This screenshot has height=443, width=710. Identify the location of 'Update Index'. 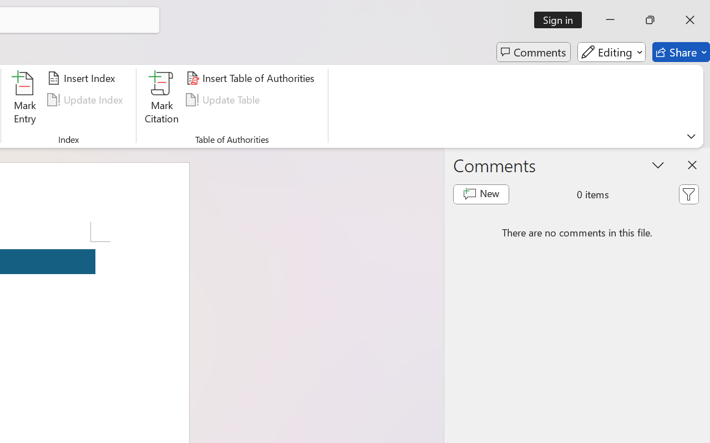
(86, 99).